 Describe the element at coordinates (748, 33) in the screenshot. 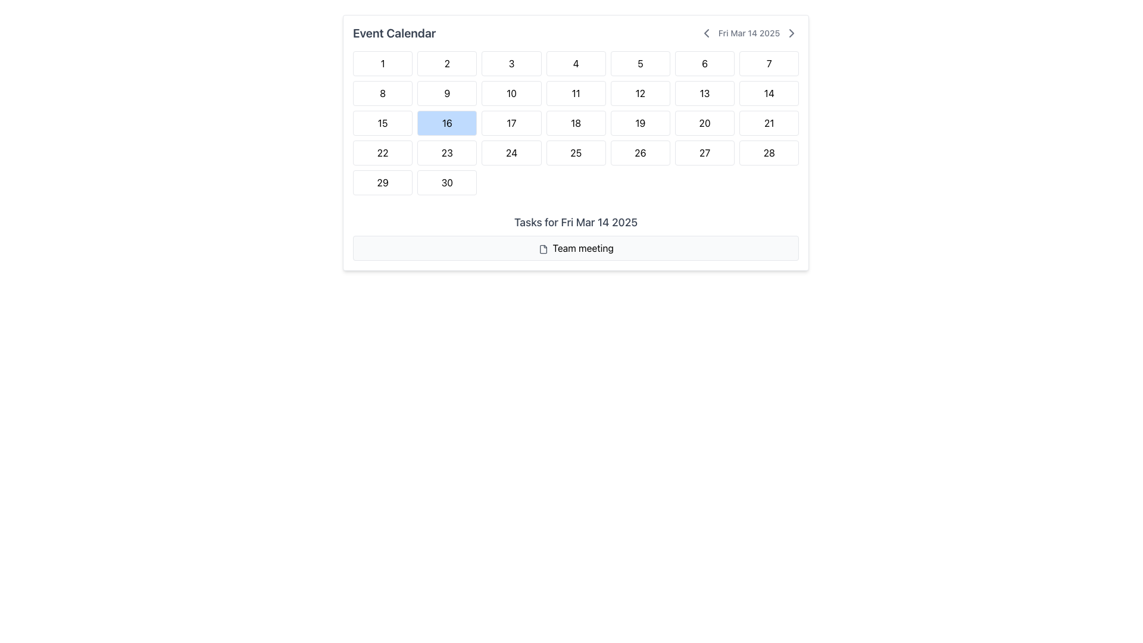

I see `the left-facing chevron icon adjacent to the date 'Fri Mar 14 2025' to change the date` at that location.